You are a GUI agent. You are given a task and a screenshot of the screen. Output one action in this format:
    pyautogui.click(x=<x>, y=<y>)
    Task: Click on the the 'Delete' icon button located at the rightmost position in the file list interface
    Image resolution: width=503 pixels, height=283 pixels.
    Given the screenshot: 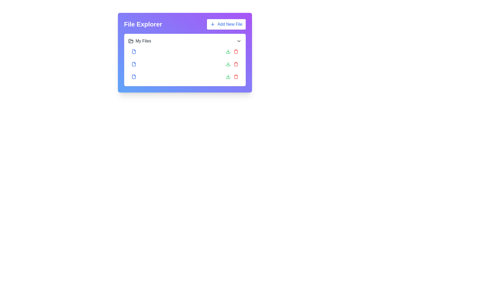 What is the action you would take?
    pyautogui.click(x=236, y=64)
    